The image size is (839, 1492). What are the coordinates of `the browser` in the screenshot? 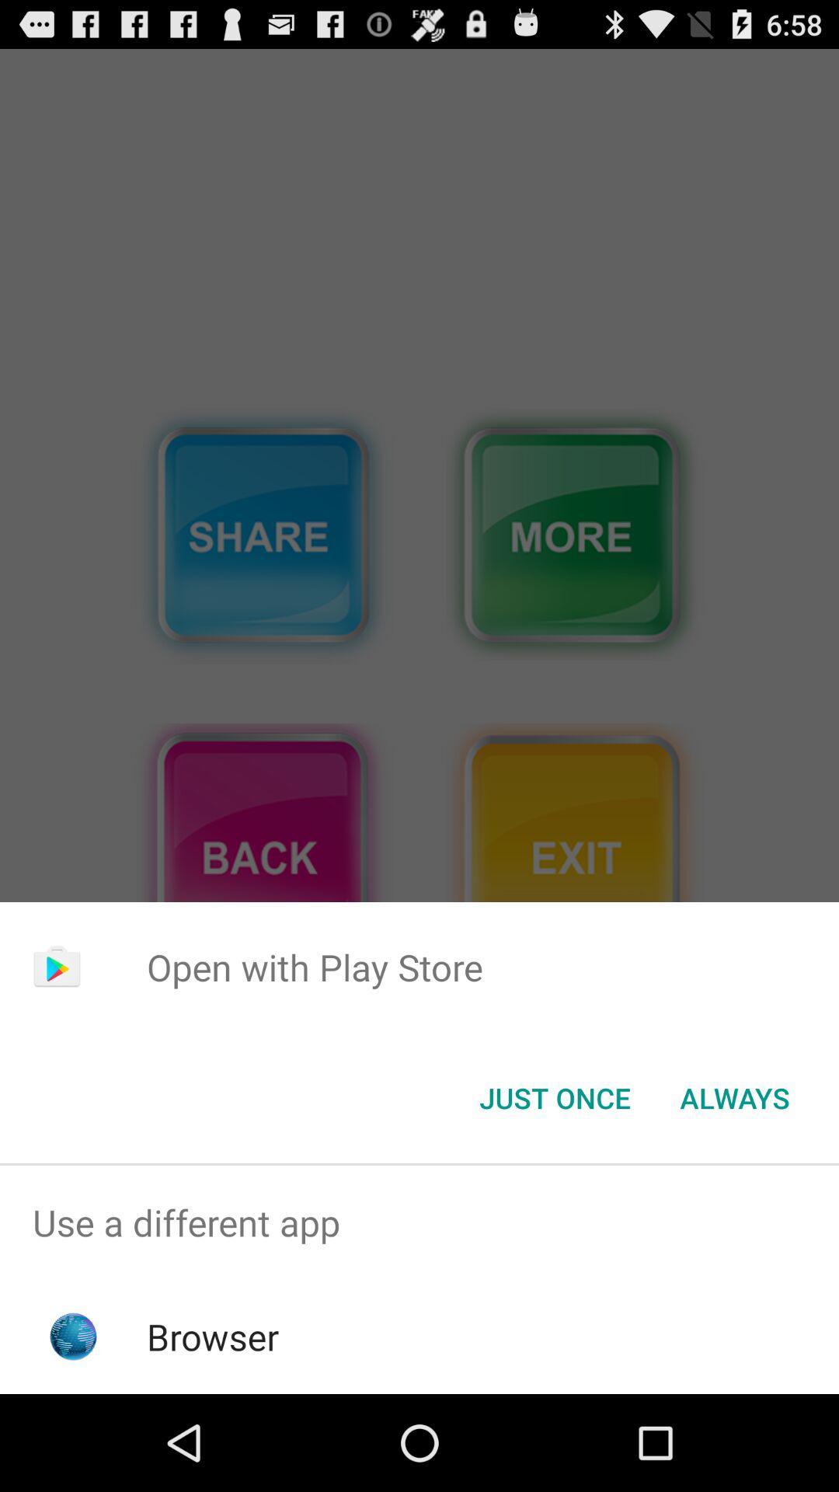 It's located at (213, 1336).